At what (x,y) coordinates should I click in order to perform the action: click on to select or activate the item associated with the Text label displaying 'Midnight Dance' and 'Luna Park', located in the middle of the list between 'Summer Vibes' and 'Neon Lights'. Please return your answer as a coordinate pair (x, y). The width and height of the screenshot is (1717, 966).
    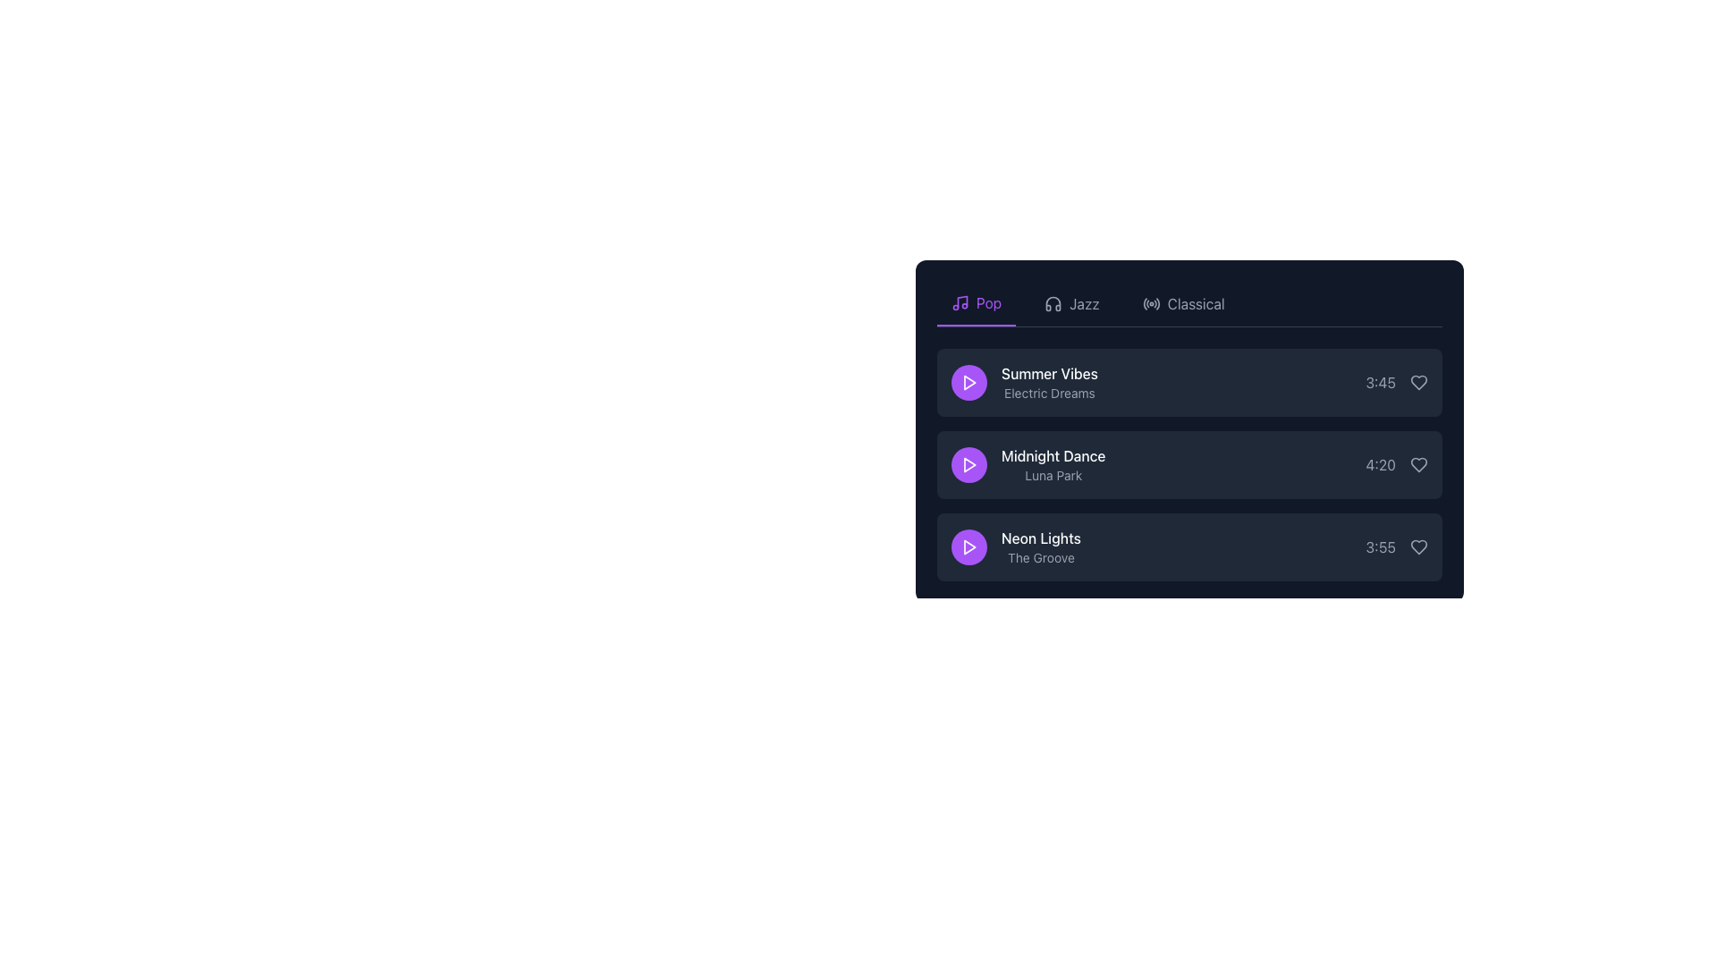
    Looking at the image, I should click on (1053, 464).